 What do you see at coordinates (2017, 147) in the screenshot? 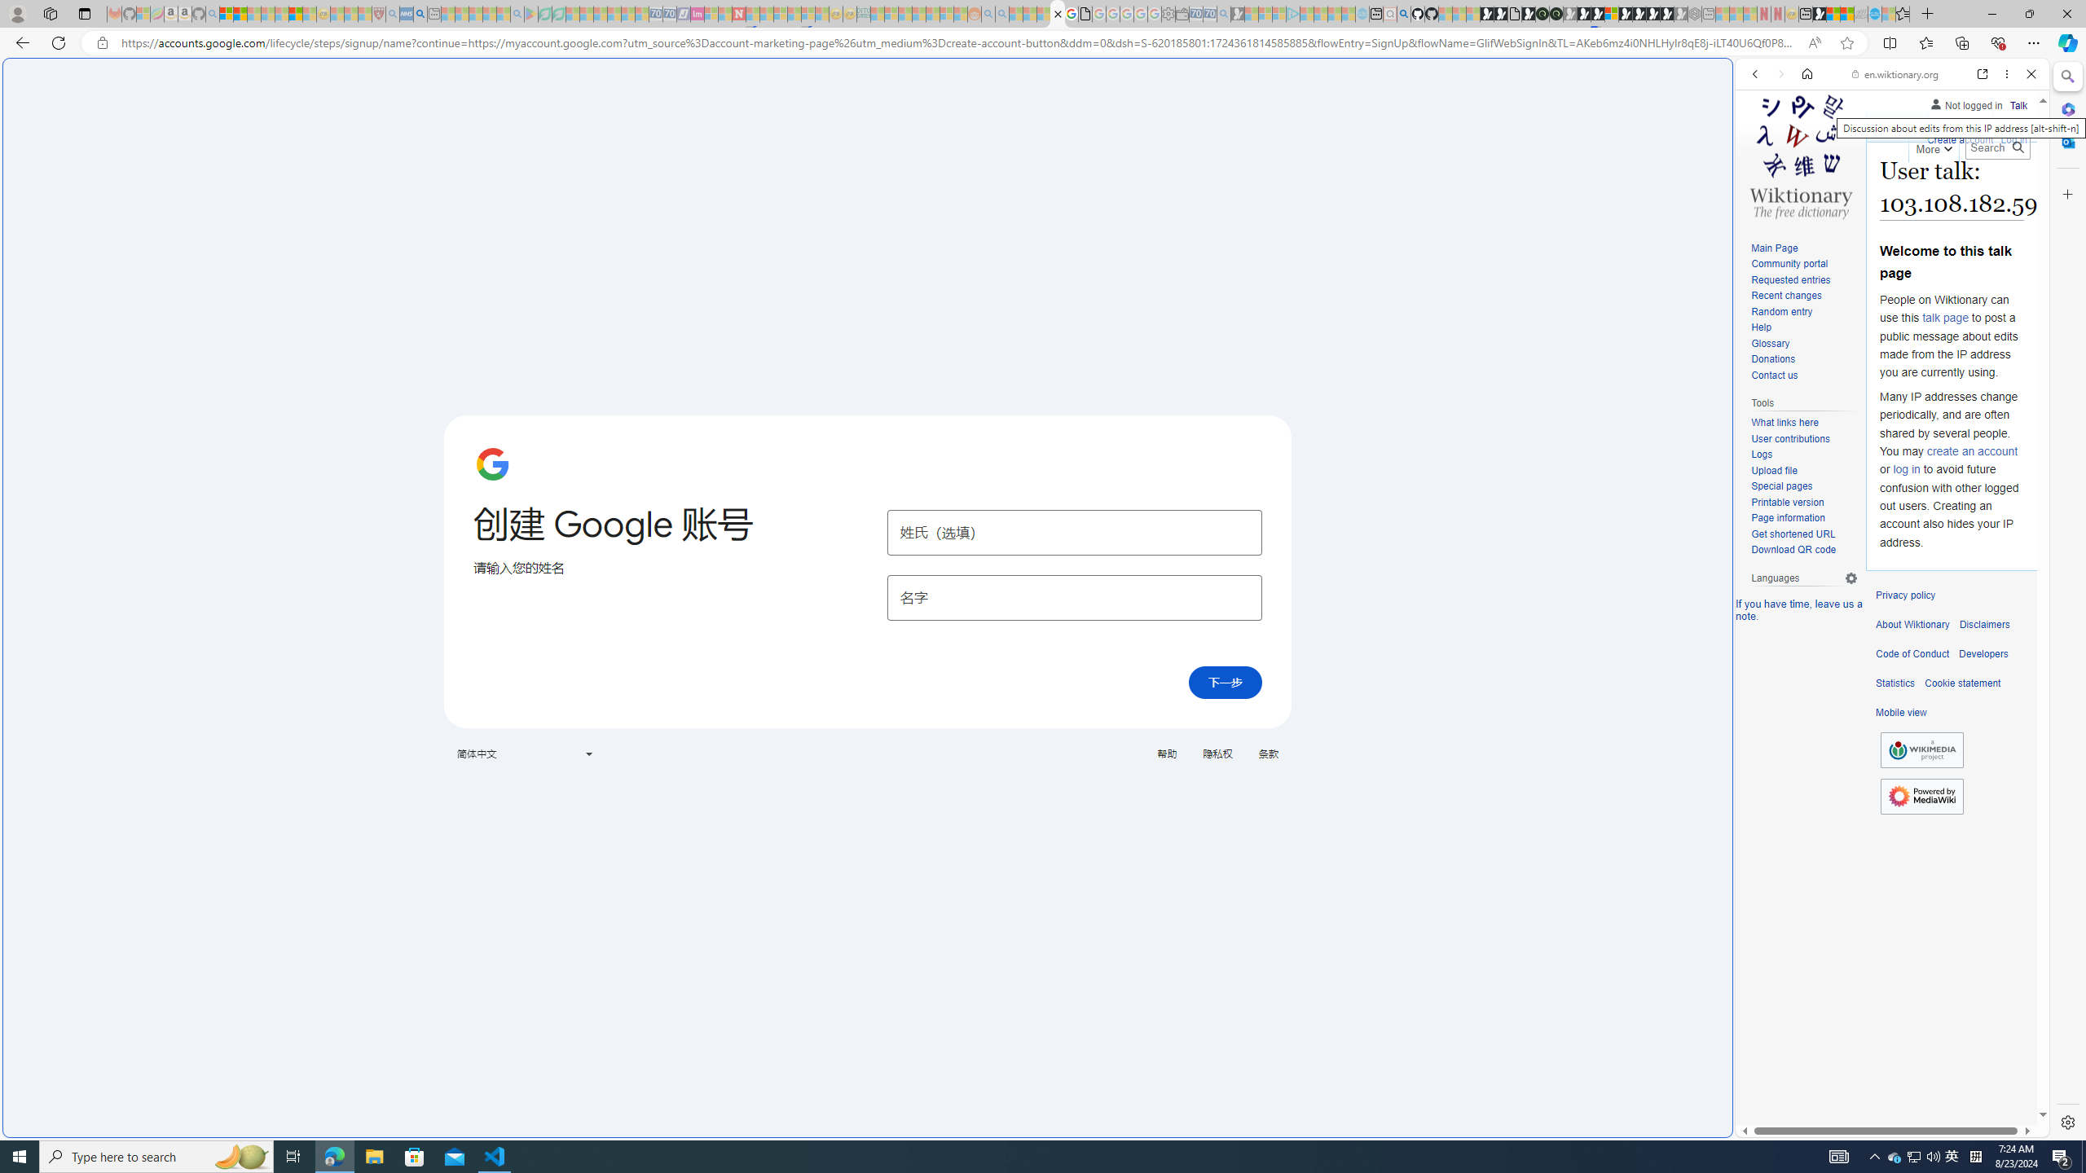
I see `'Go'` at bounding box center [2017, 147].